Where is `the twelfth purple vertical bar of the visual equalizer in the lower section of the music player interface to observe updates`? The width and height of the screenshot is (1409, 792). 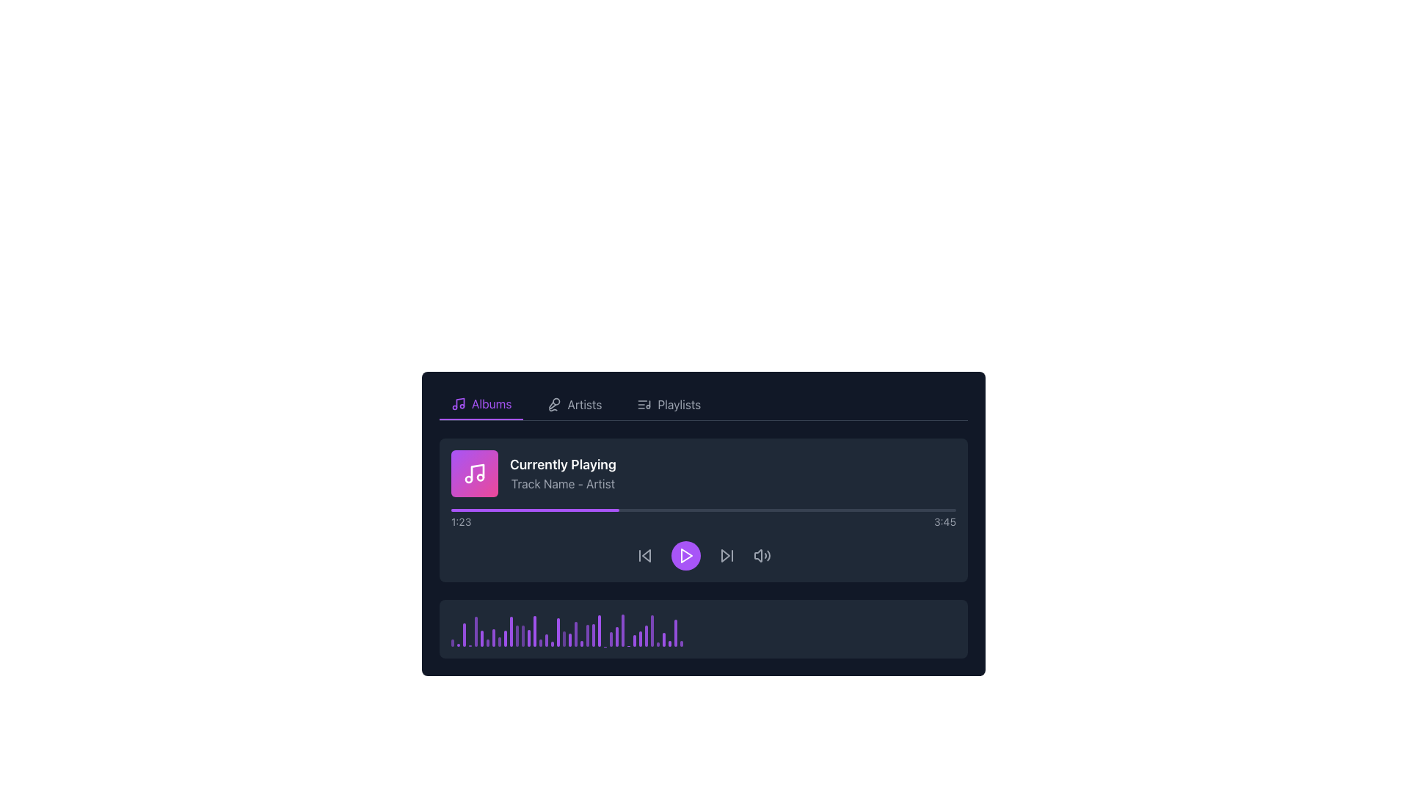 the twelfth purple vertical bar of the visual equalizer in the lower section of the music player interface to observe updates is located at coordinates (517, 635).